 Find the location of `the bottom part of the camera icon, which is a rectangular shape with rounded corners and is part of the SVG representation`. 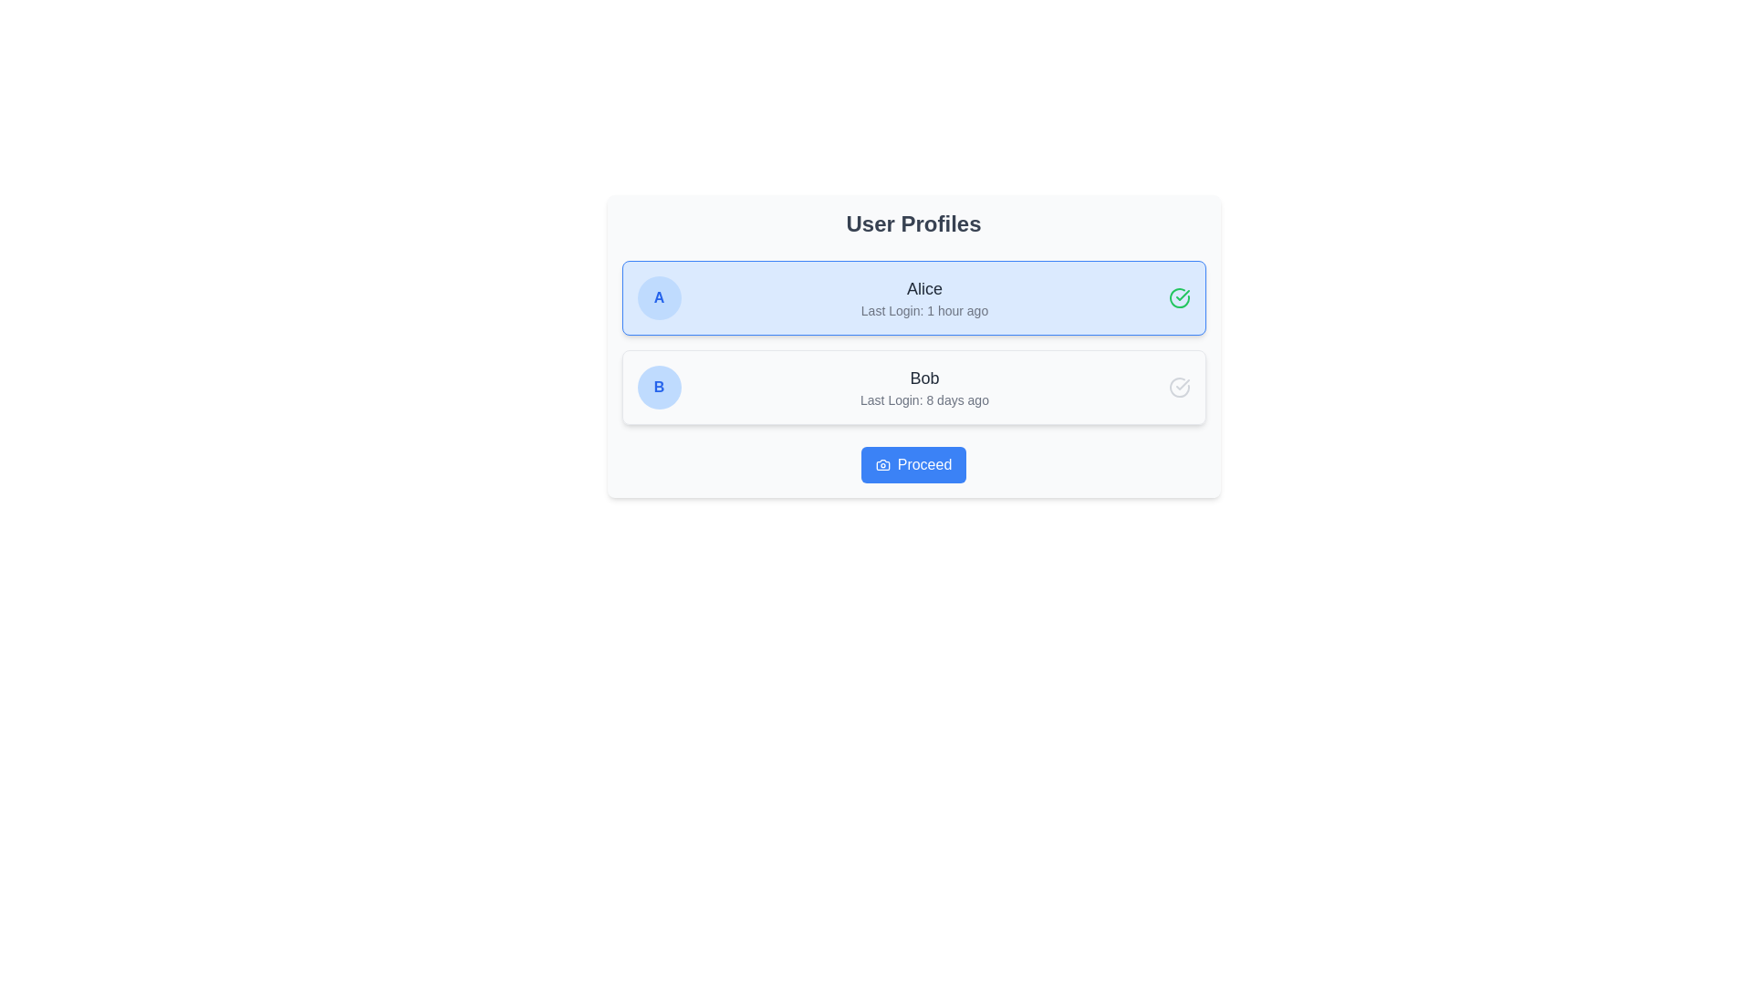

the bottom part of the camera icon, which is a rectangular shape with rounded corners and is part of the SVG representation is located at coordinates (882, 463).